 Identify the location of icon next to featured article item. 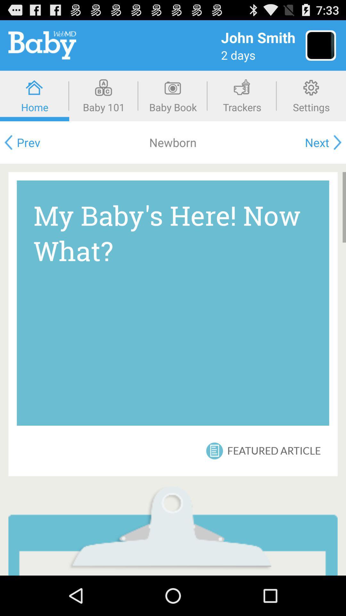
(215, 450).